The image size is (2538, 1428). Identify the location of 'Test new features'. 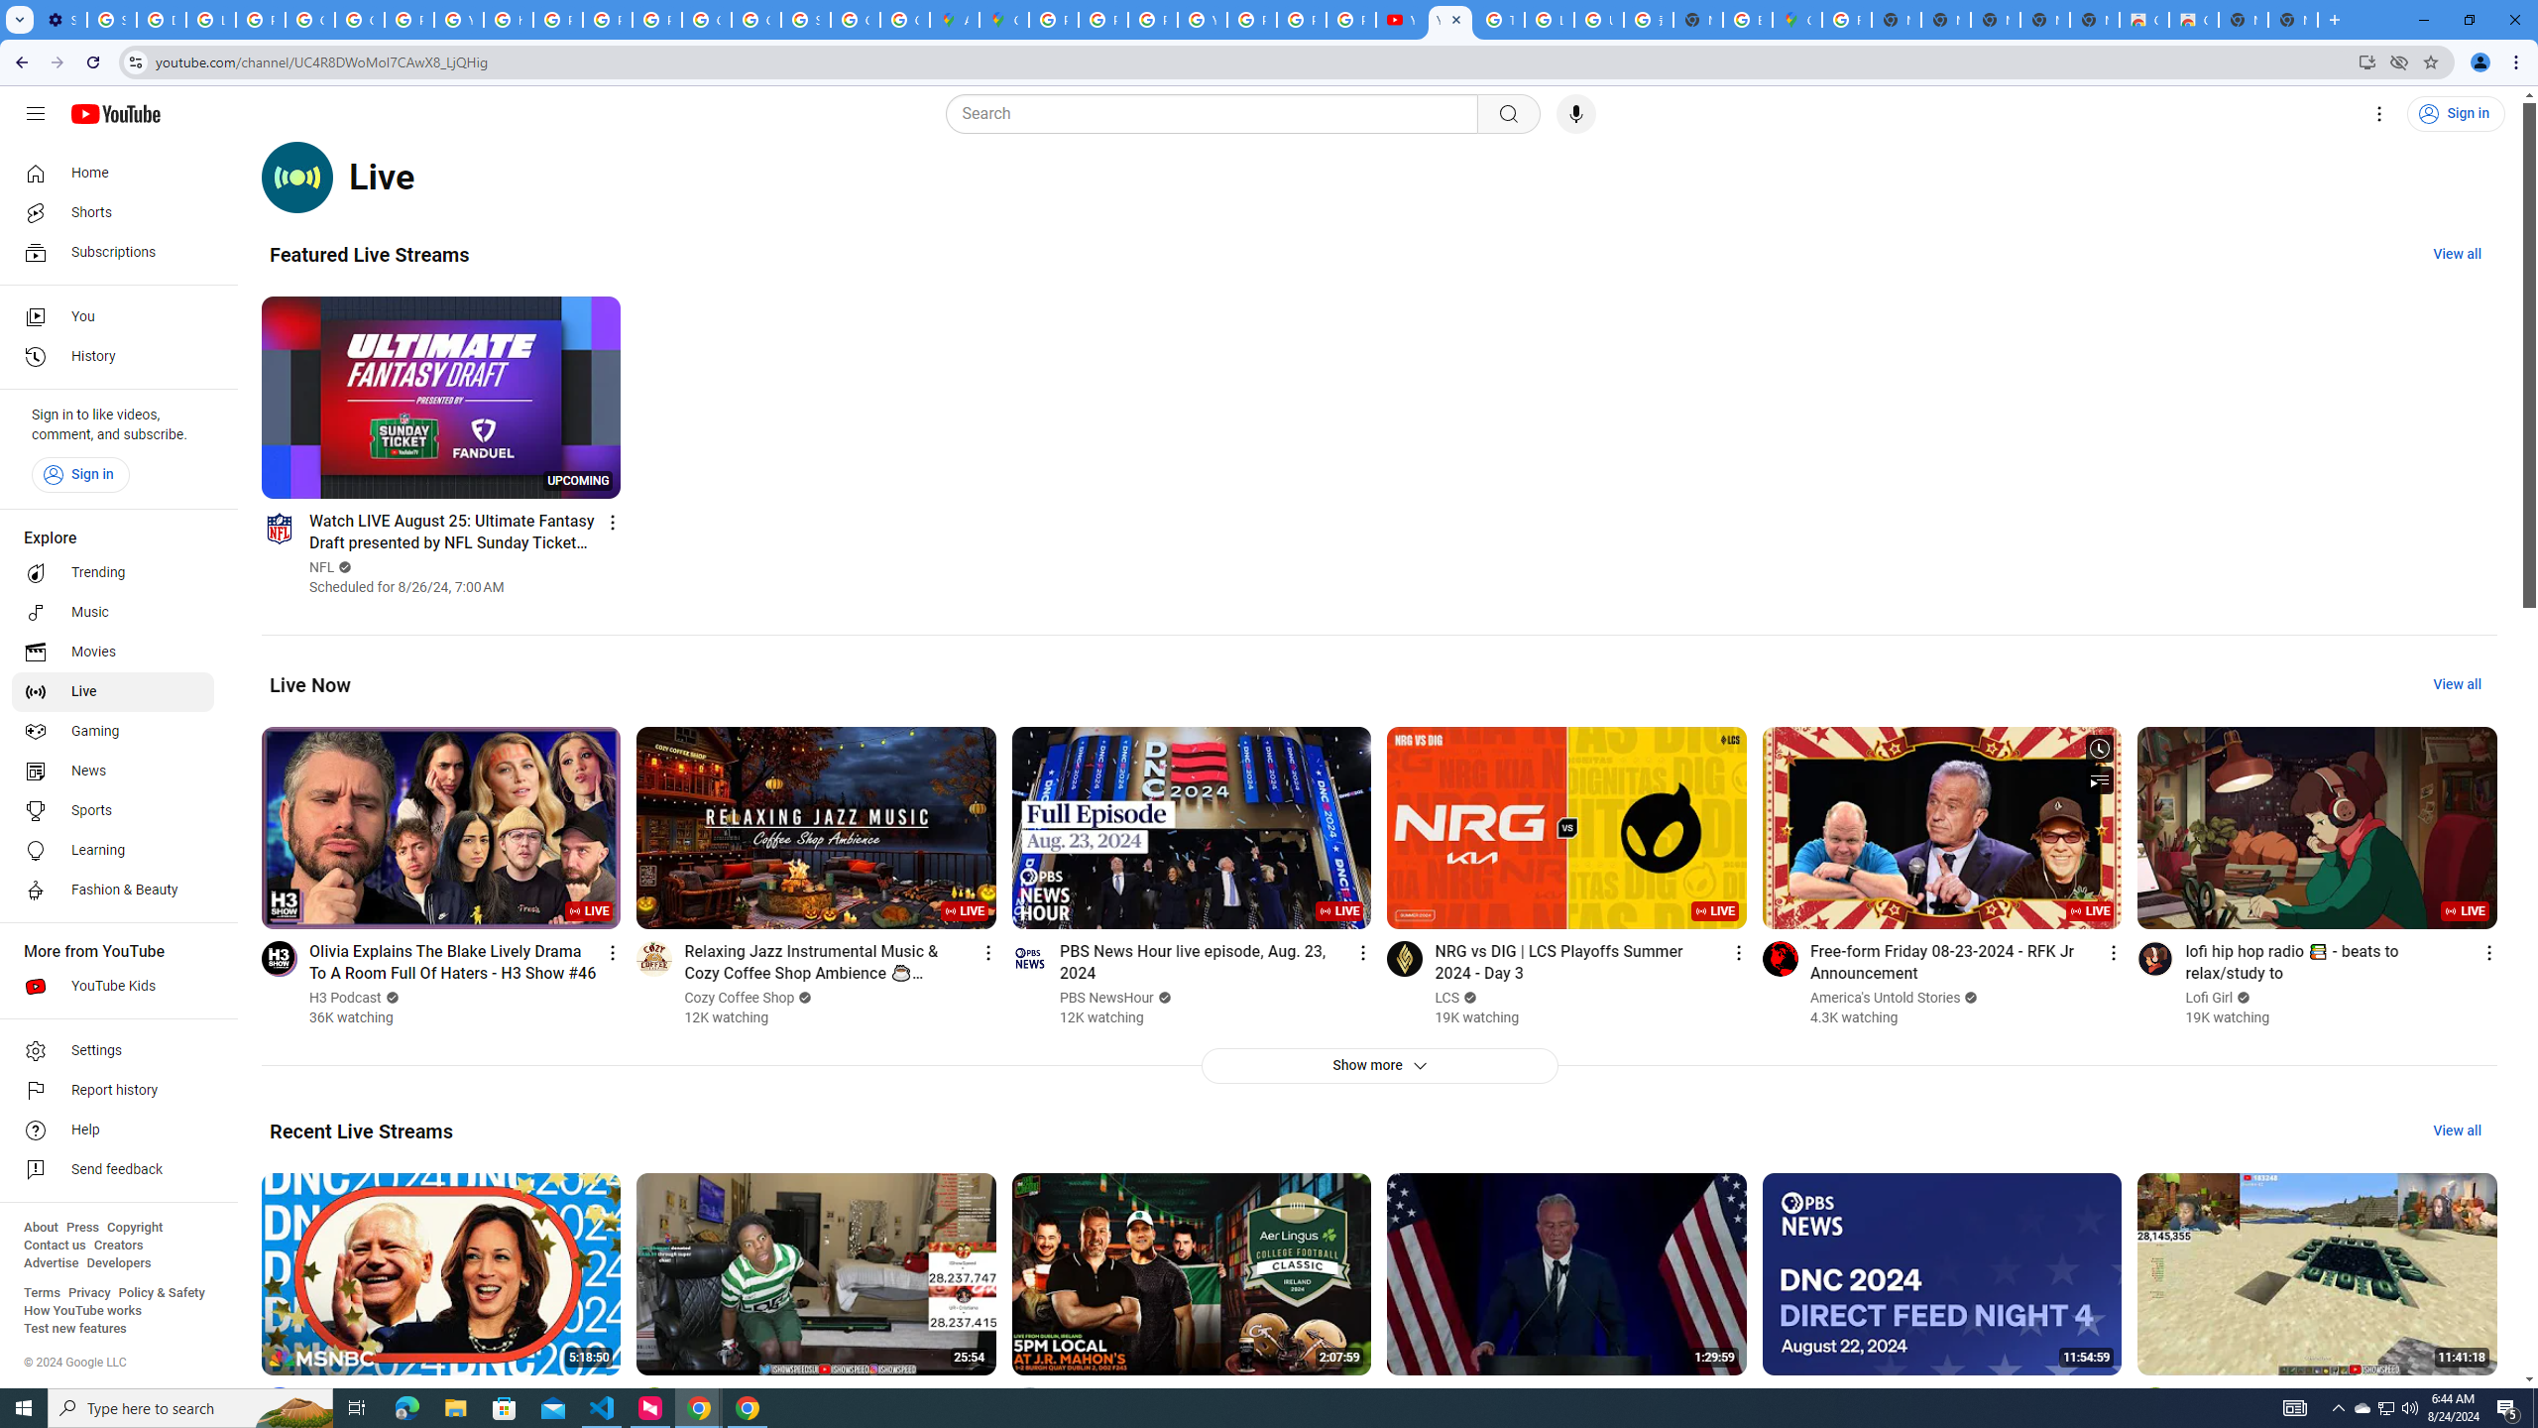
(73, 1327).